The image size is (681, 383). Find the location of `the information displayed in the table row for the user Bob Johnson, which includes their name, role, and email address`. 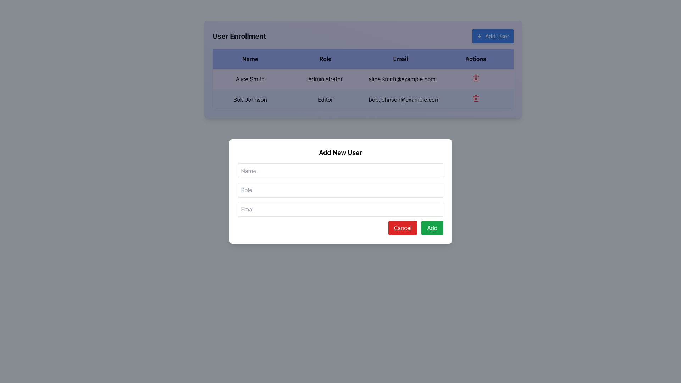

the information displayed in the table row for the user Bob Johnson, which includes their name, role, and email address is located at coordinates (363, 89).